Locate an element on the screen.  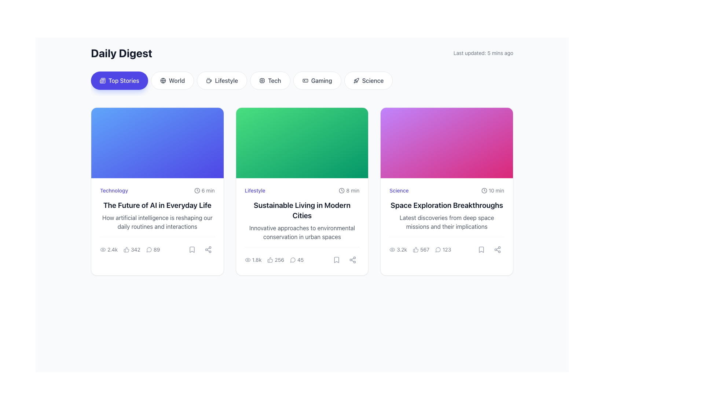
value displayed in the comments section of the 'Space Exploration Breakthroughs' card, located in the bottom-right corner next to the speech bubble icon is located at coordinates (446, 249).